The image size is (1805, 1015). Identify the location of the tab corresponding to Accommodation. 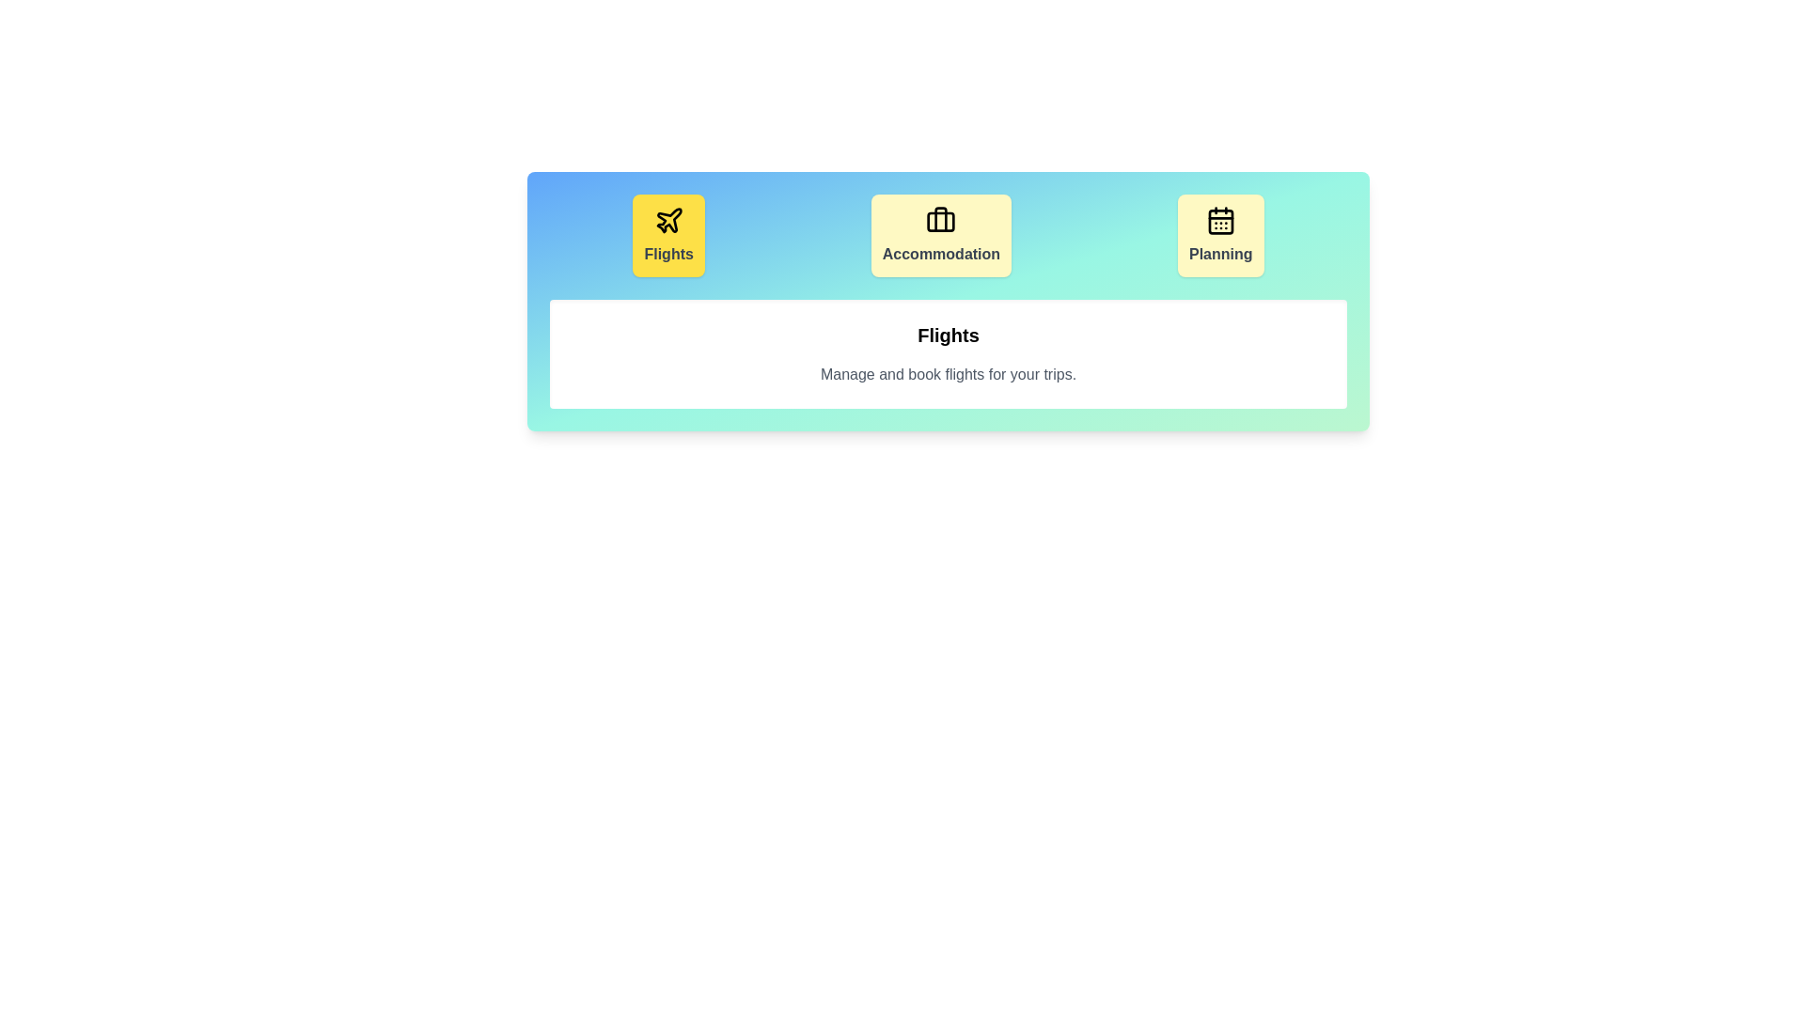
(941, 234).